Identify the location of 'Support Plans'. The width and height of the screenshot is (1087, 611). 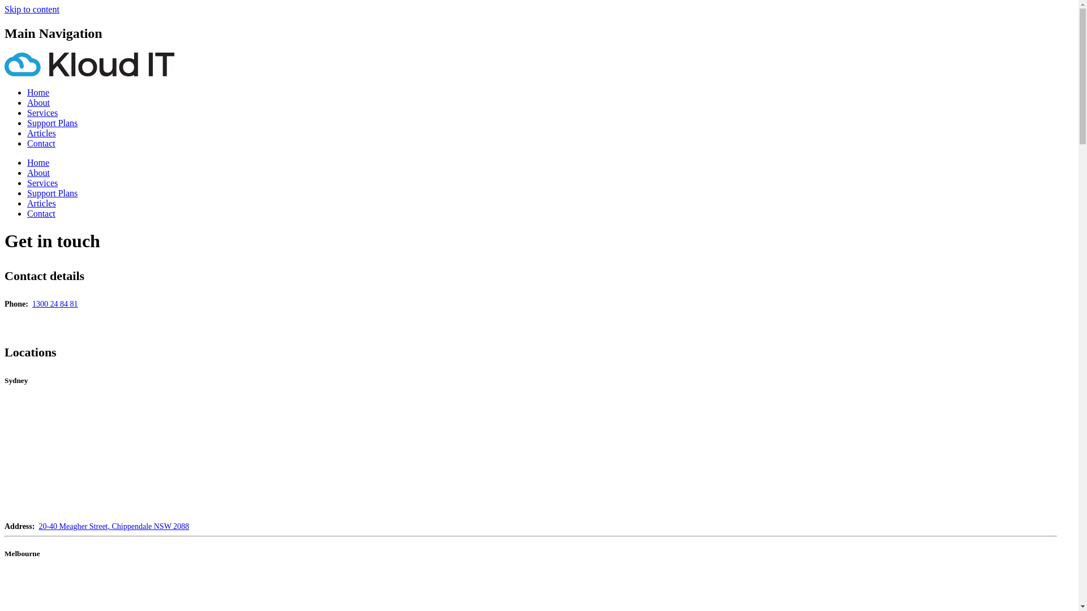
(27, 192).